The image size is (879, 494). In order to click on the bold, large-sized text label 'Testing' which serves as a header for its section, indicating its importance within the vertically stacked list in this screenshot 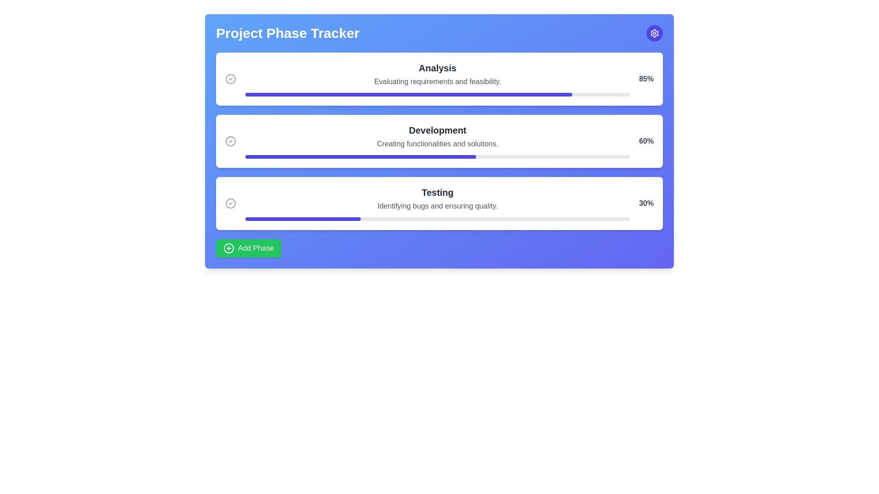, I will do `click(437, 192)`.